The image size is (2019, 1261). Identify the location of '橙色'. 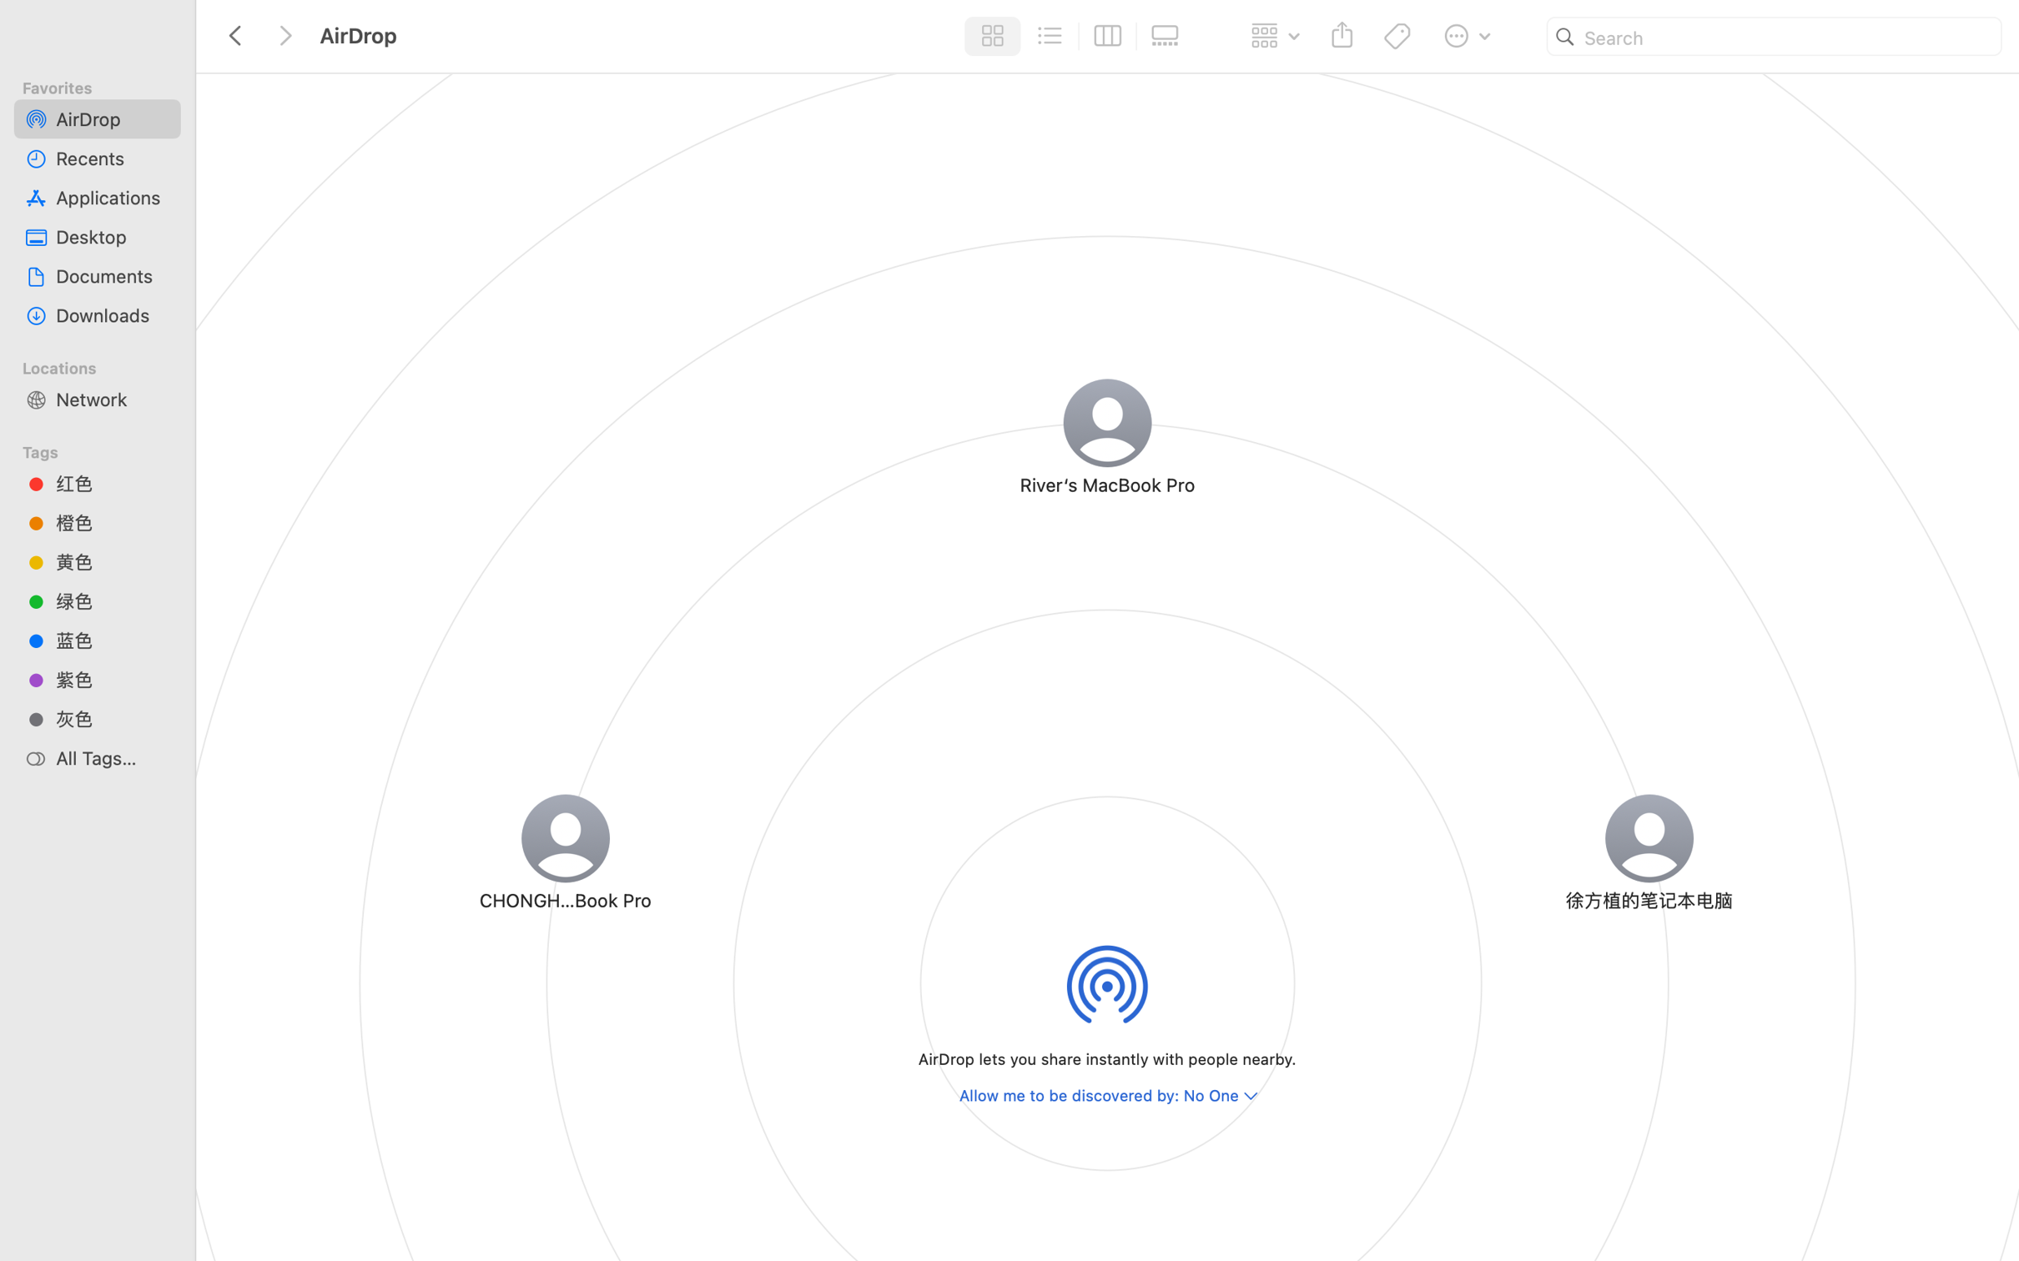
(112, 522).